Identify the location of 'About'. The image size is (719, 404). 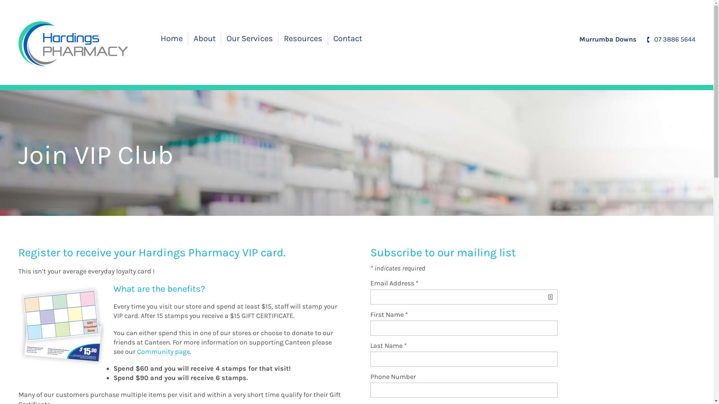
(188, 39).